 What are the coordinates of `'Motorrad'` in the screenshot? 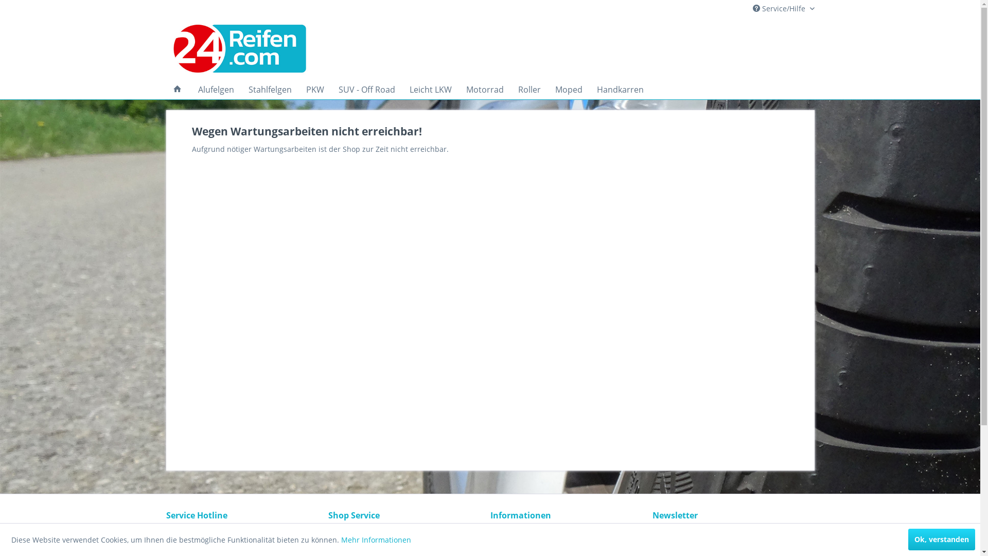 It's located at (484, 89).